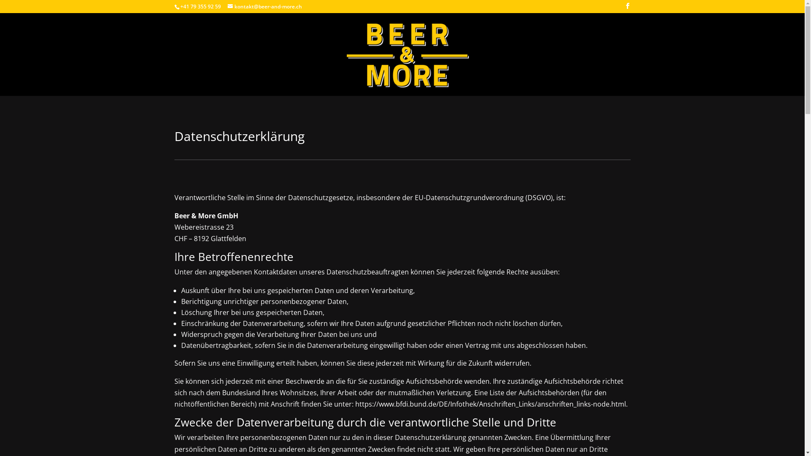  I want to click on 'kontakt@beer-and-more.ch', so click(264, 6).